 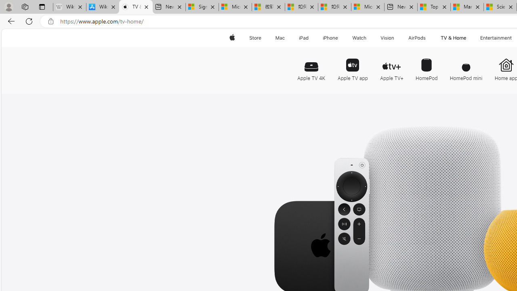 What do you see at coordinates (303, 38) in the screenshot?
I see `'iPad'` at bounding box center [303, 38].